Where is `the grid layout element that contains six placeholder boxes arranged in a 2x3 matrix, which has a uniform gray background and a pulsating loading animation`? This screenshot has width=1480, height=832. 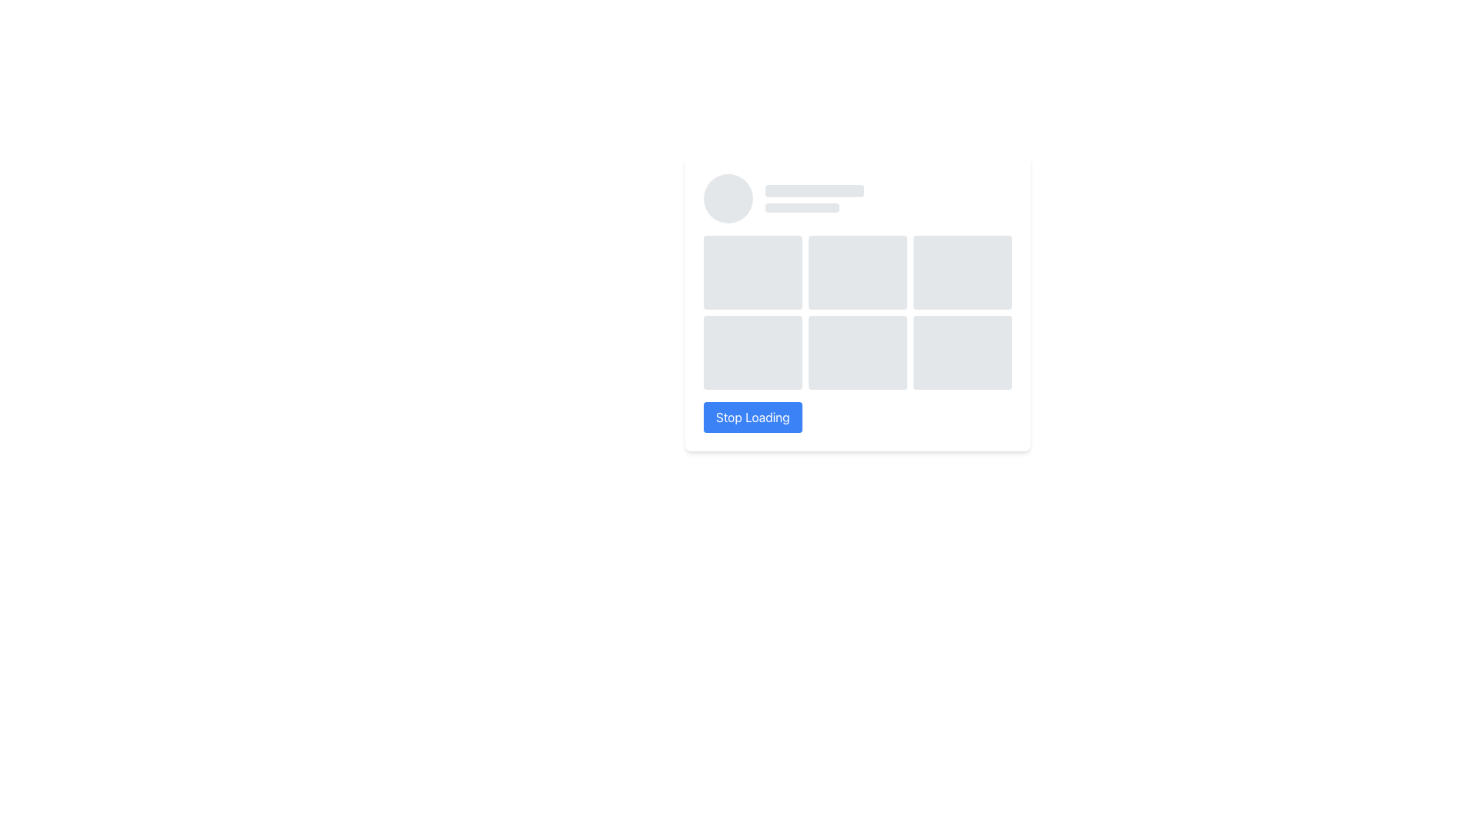 the grid layout element that contains six placeholder boxes arranged in a 2x3 matrix, which has a uniform gray background and a pulsating loading animation is located at coordinates (857, 312).